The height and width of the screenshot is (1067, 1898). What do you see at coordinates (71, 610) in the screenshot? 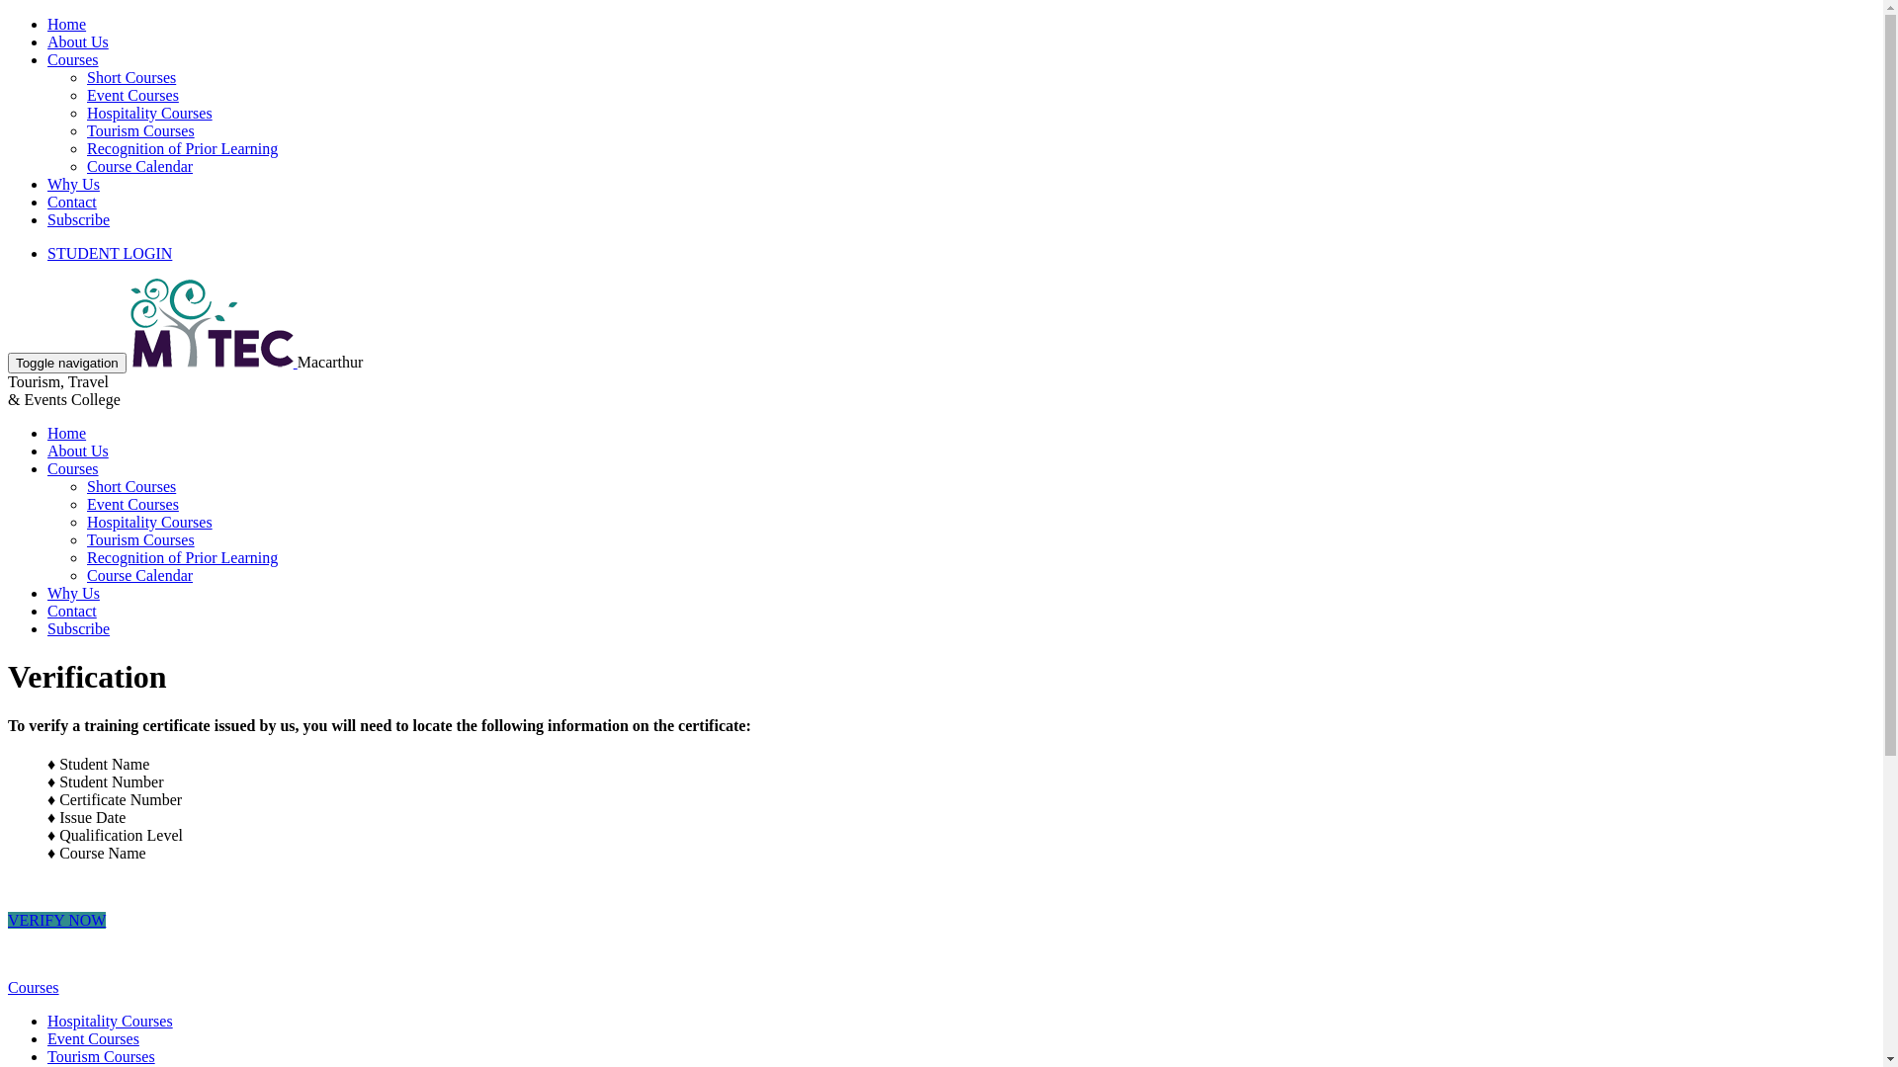
I see `'Contact'` at bounding box center [71, 610].